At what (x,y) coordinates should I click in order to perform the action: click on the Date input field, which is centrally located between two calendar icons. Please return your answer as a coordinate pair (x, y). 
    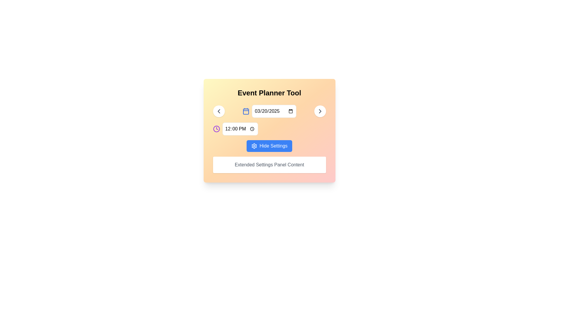
    Looking at the image, I should click on (269, 111).